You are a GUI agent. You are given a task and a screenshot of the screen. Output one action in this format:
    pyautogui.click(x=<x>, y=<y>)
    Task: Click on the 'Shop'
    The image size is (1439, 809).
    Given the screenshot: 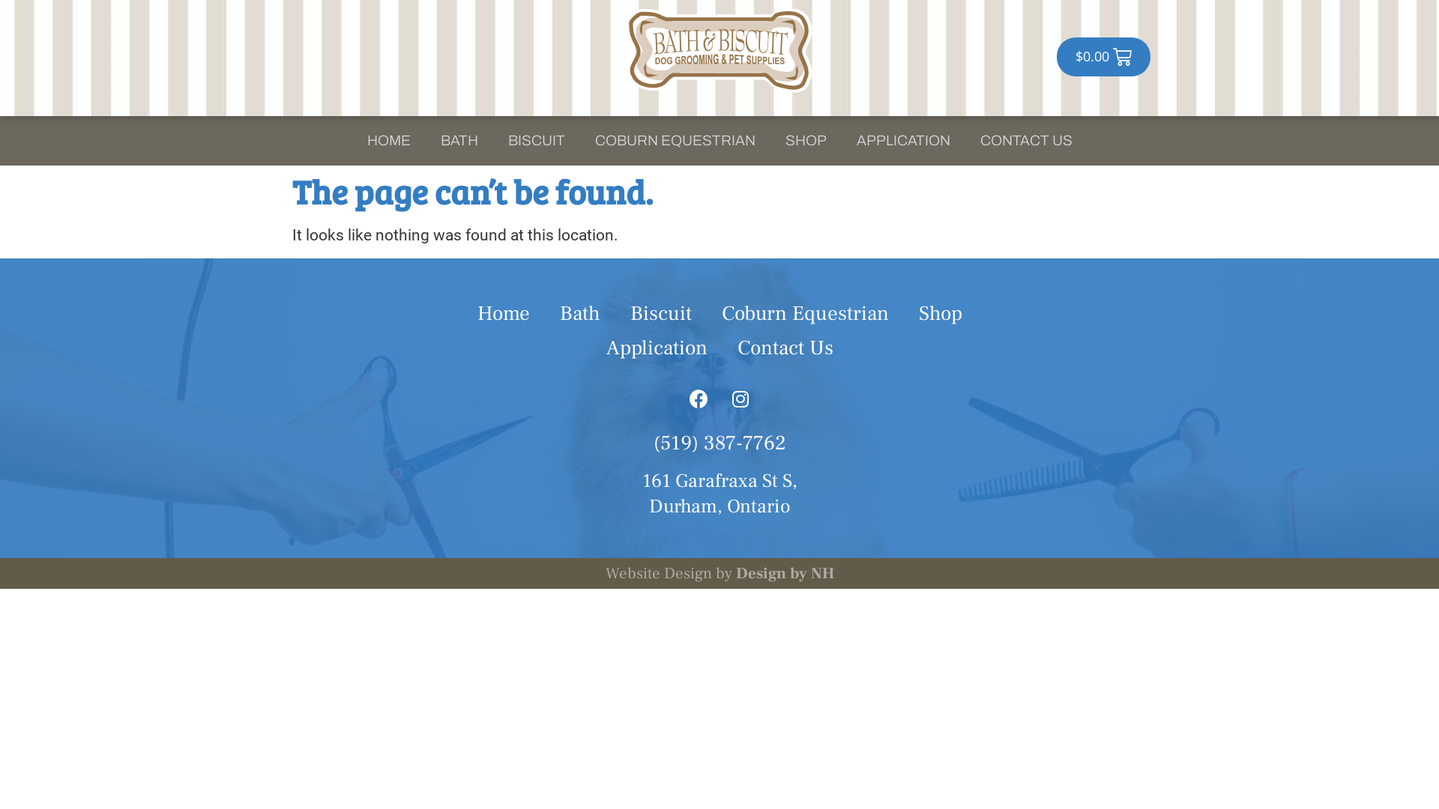 What is the action you would take?
    pyautogui.click(x=939, y=313)
    